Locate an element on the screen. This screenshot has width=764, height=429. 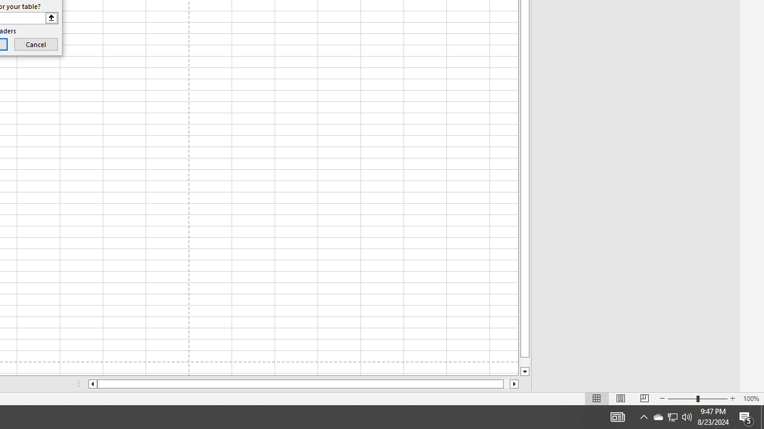
'Zoom' is located at coordinates (697, 399).